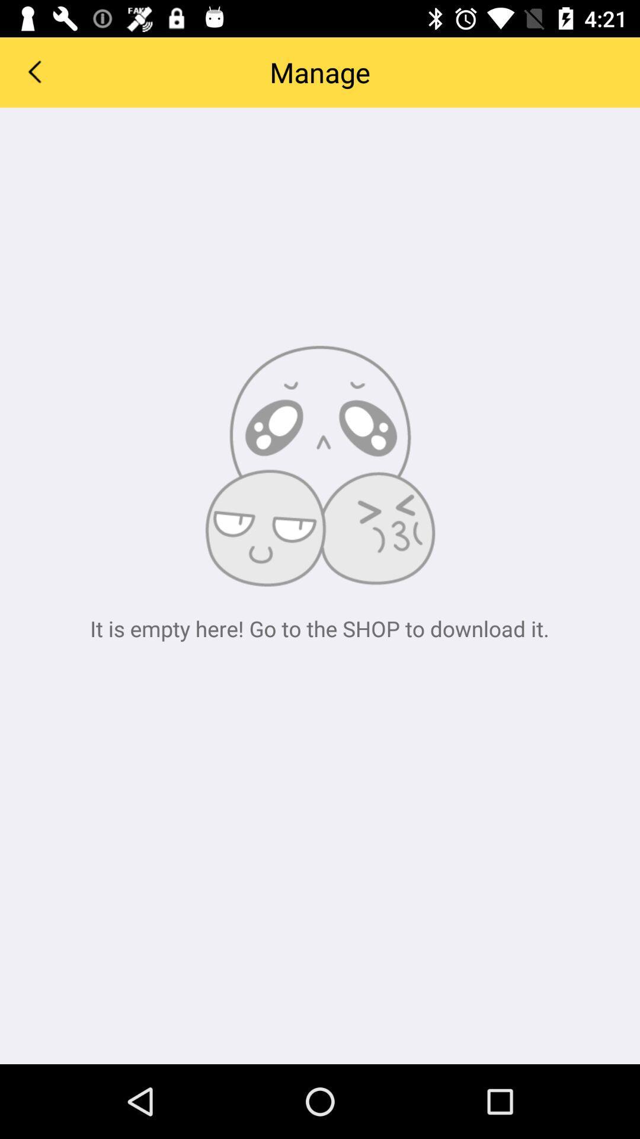 The image size is (640, 1139). Describe the element at coordinates (33, 71) in the screenshot. I see `the icon at the top left corner` at that location.